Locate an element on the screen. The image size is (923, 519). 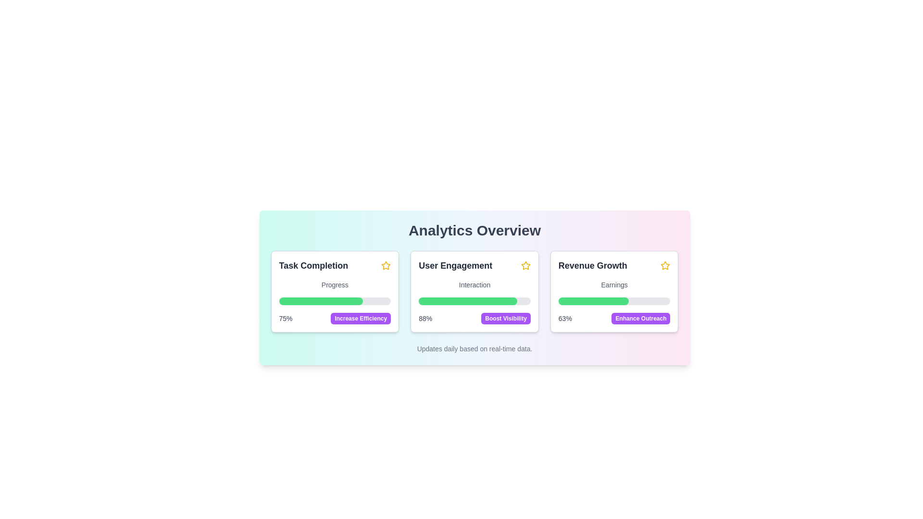
the informational text label located within the 'Revenue Growth' card, positioned below the title 'Revenue Growth' and above the progress bar is located at coordinates (614, 284).